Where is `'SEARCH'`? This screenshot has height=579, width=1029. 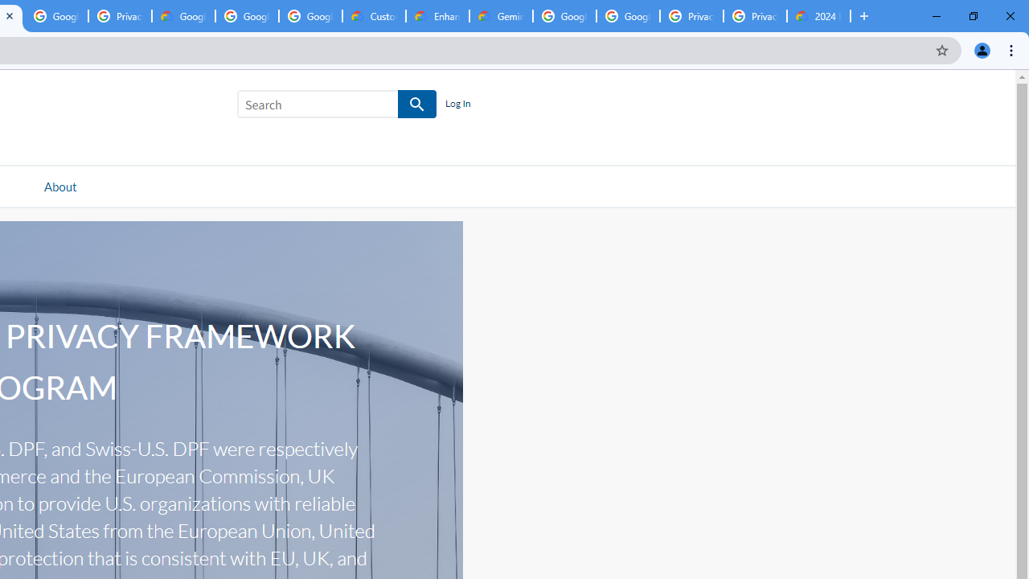 'SEARCH' is located at coordinates (417, 105).